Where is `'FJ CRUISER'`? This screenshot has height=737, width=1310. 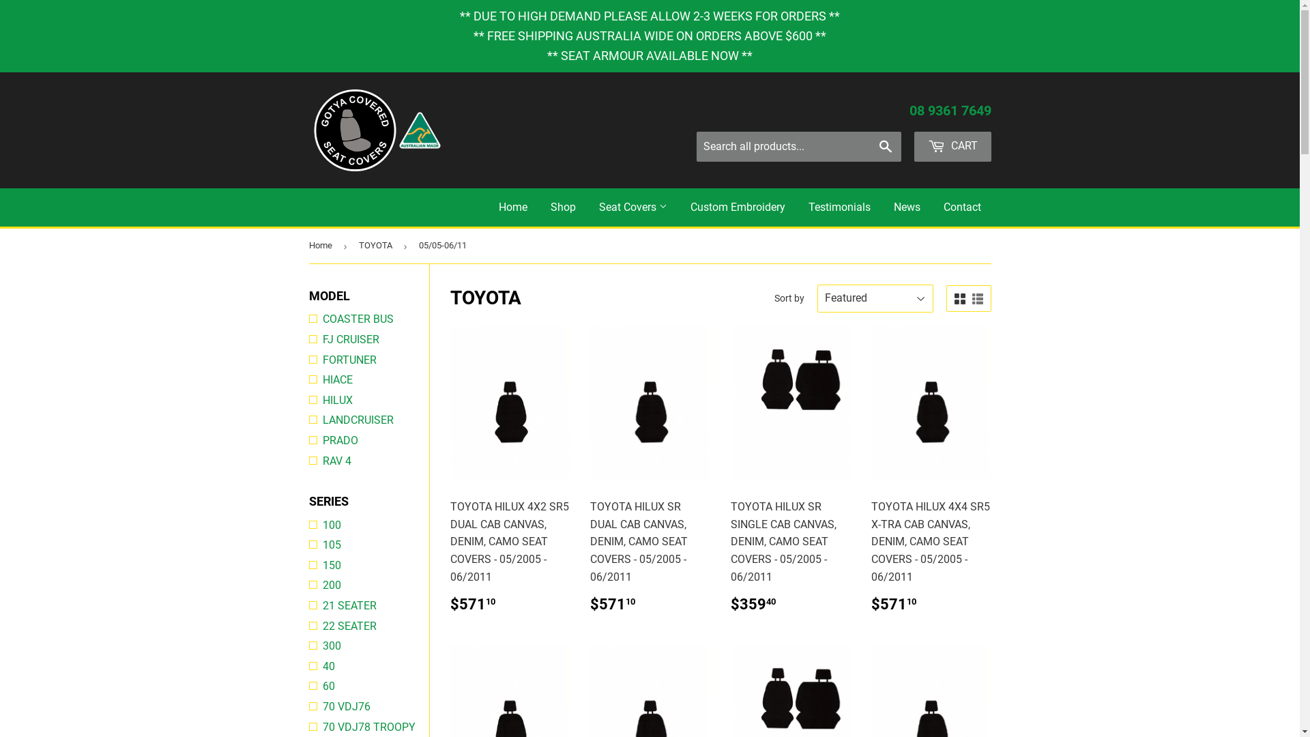 'FJ CRUISER' is located at coordinates (368, 338).